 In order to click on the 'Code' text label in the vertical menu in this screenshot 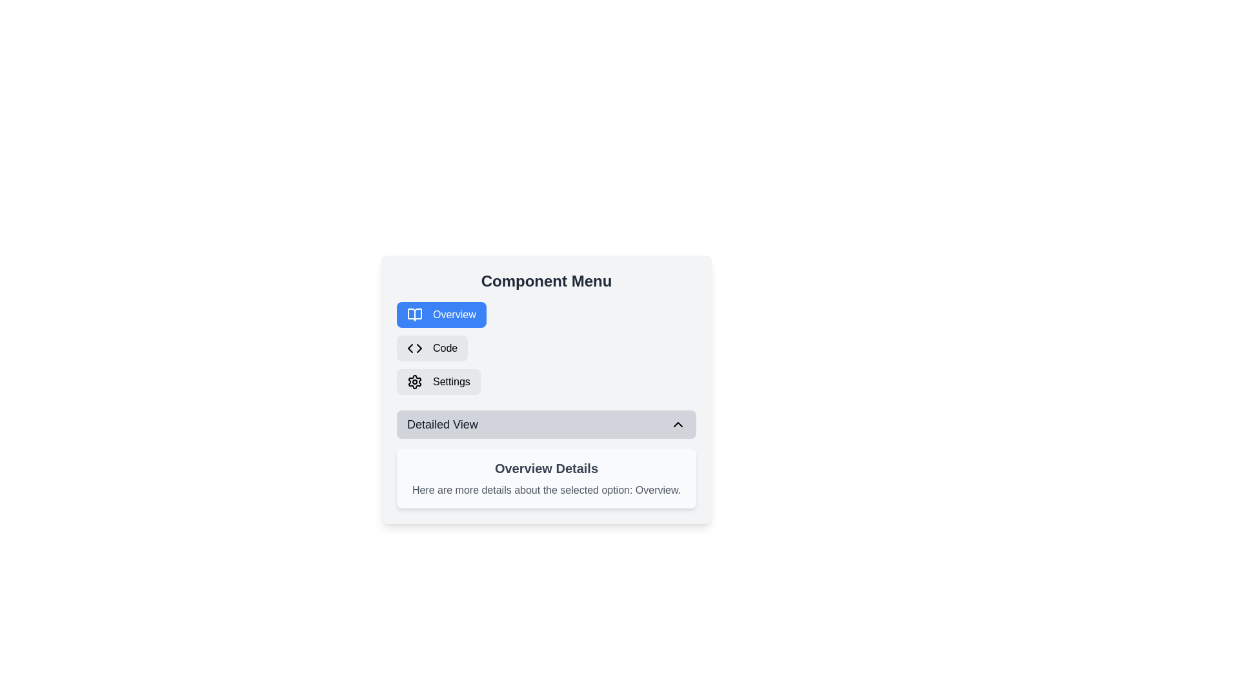, I will do `click(445, 348)`.